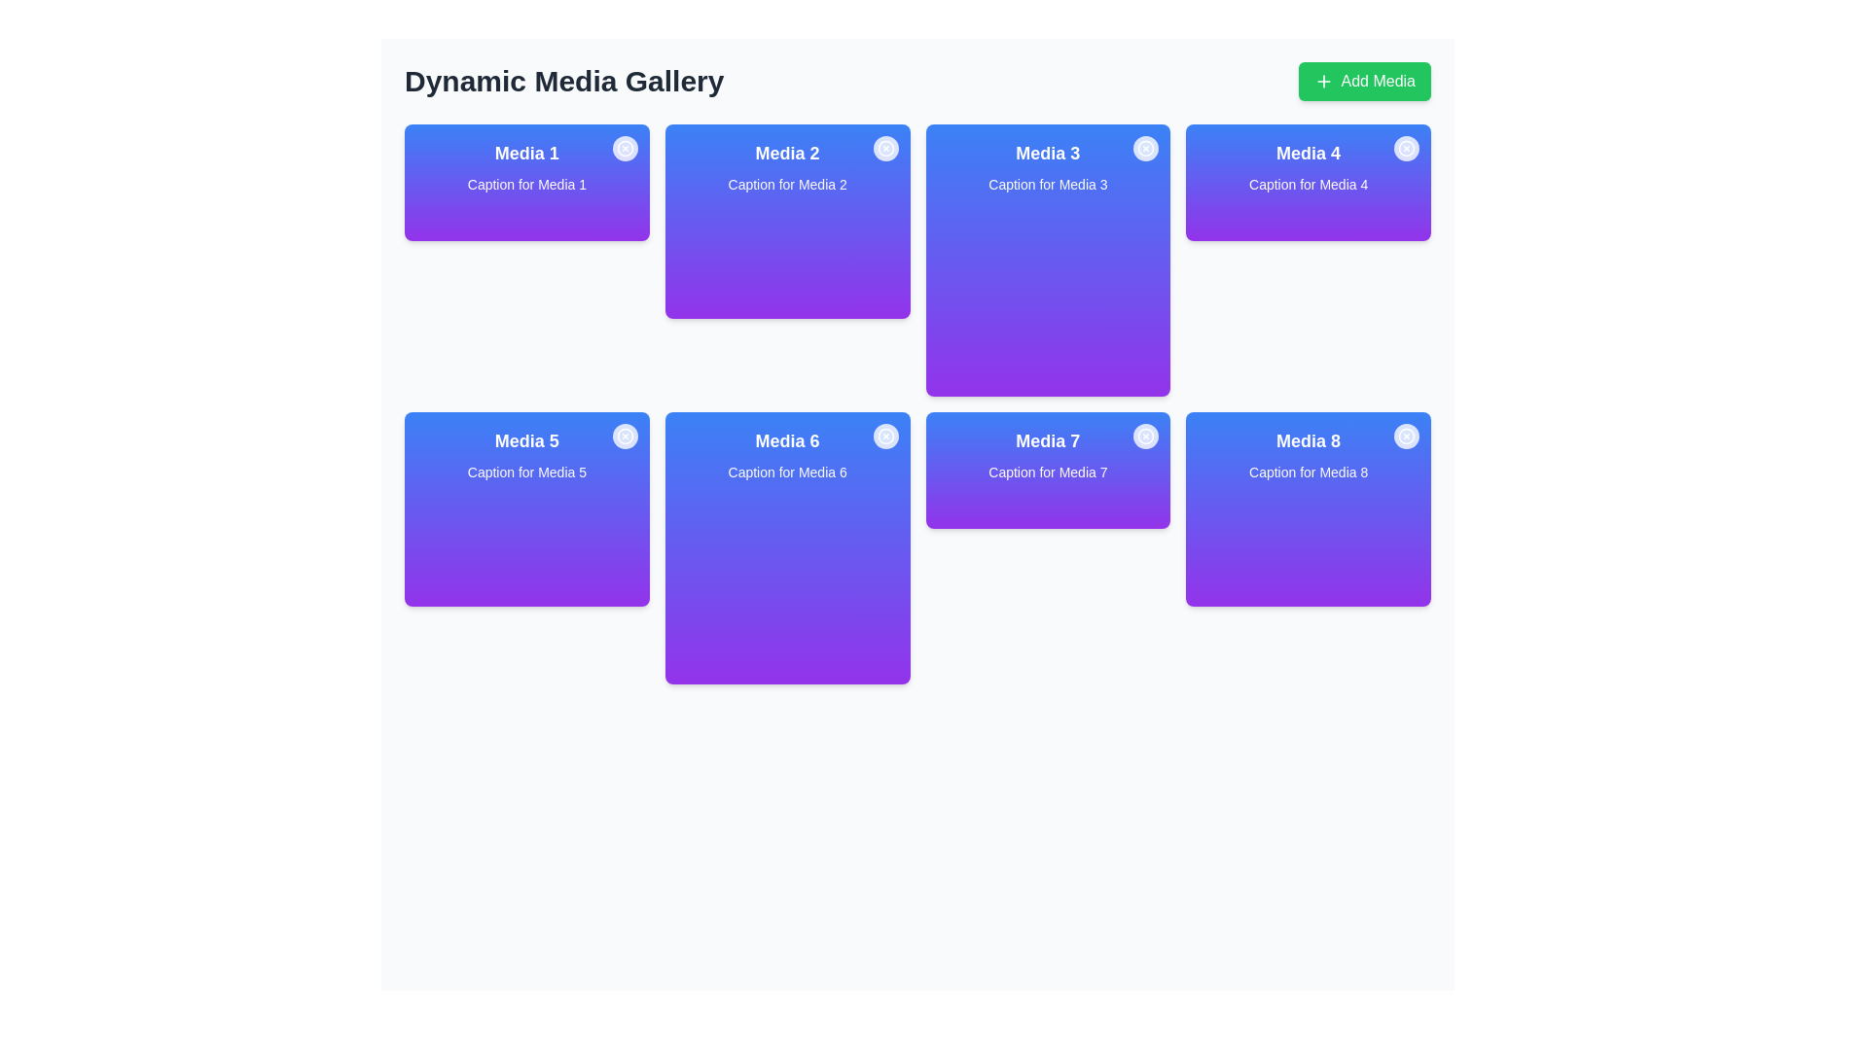  Describe the element at coordinates (1309, 184) in the screenshot. I see `caption text displayed as 'Caption for Media 4' on the text label styled in white color within the card labeled 'Media 4'` at that location.